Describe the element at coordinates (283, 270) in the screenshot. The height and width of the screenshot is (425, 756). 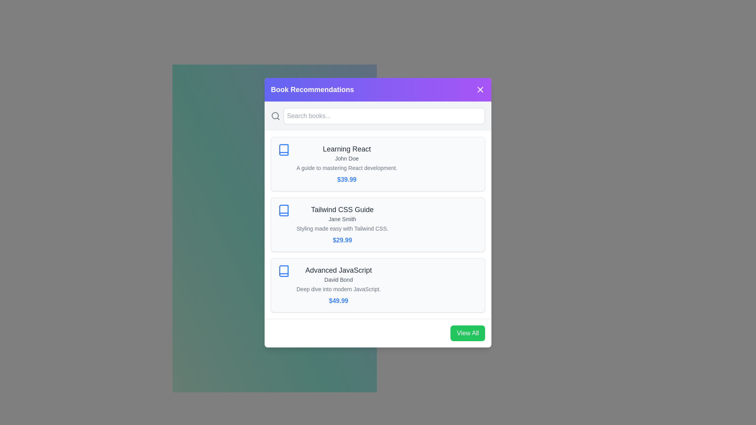
I see `the book icon located on the left side of the third recommendation card for 'Advanced JavaScript' in the Book Recommendations section` at that location.